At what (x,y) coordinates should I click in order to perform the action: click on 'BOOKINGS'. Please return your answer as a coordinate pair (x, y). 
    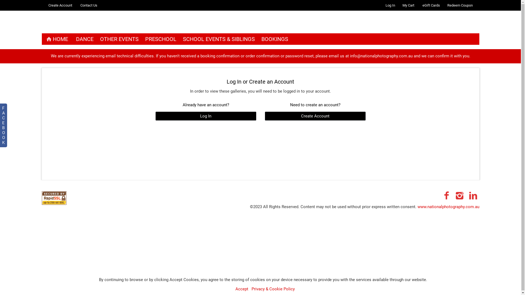
    Looking at the image, I should click on (275, 39).